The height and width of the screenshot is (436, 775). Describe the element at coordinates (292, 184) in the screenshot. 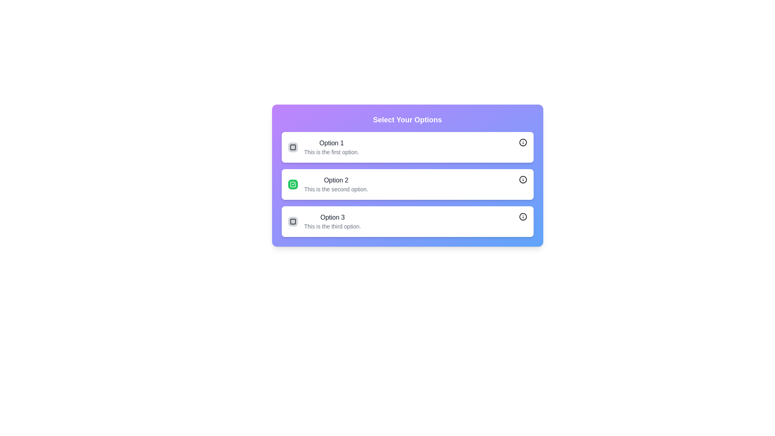

I see `the square-shaped checkbox icon with a rounded green background and a white checkmark outline` at that location.